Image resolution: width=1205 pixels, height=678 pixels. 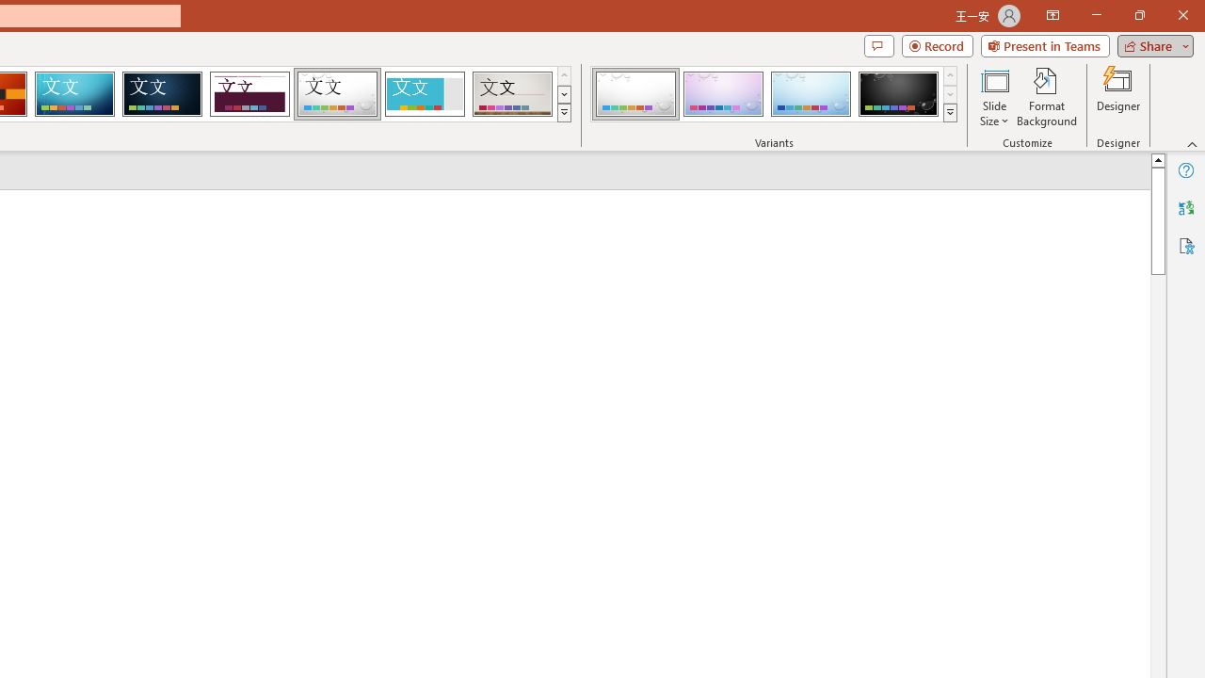 What do you see at coordinates (811, 94) in the screenshot?
I see `'Droplet Variant 3'` at bounding box center [811, 94].